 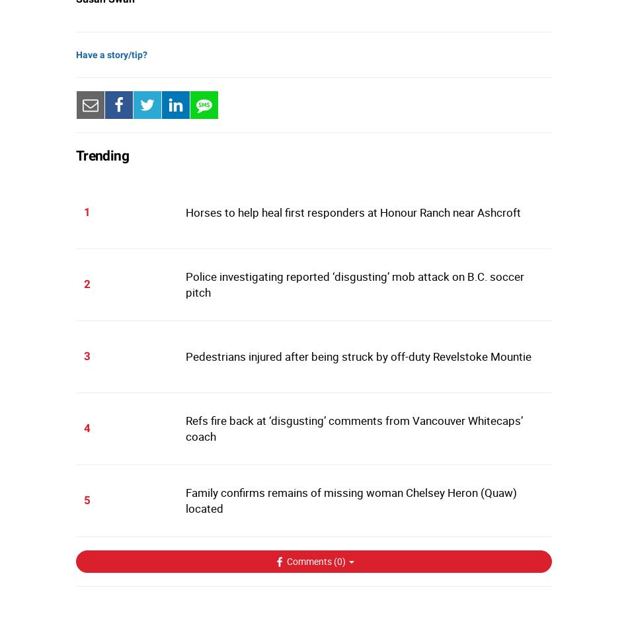 I want to click on 'Pedestrians injured after being struck by off-duty Revelstoke Mountie', so click(x=358, y=356).